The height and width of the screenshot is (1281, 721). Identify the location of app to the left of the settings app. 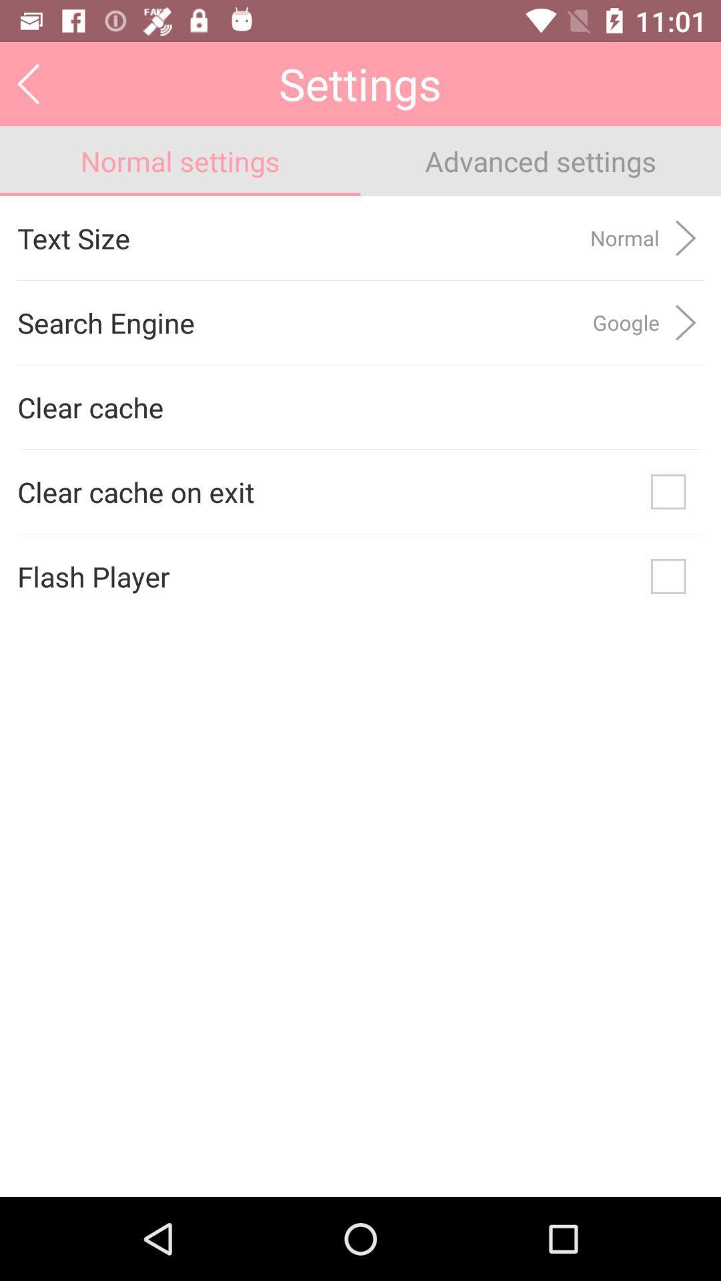
(28, 83).